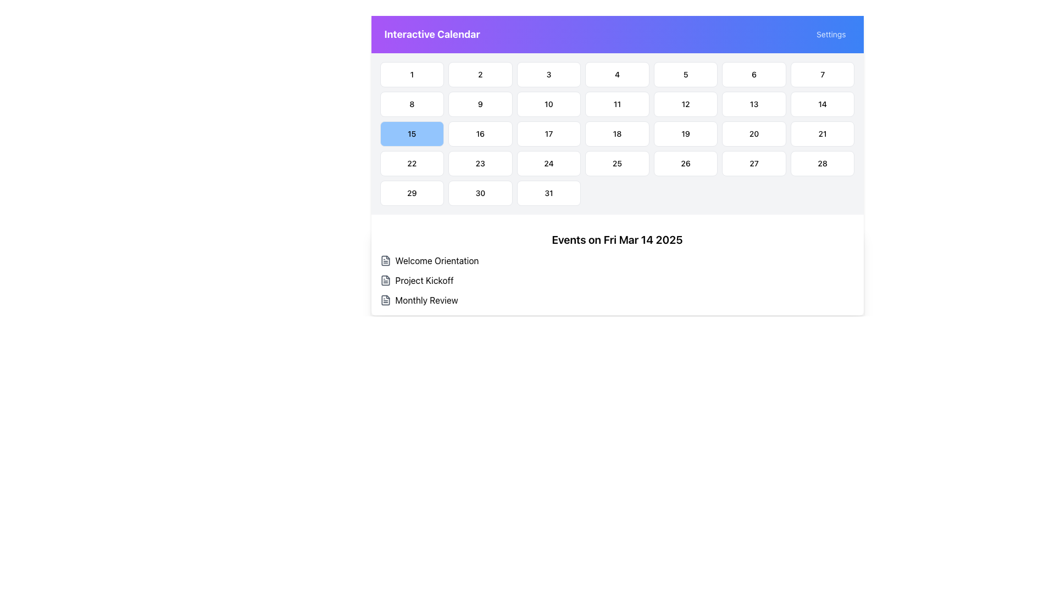  I want to click on the seventh button in the last row of the Interactive Calendar, so click(548, 192).